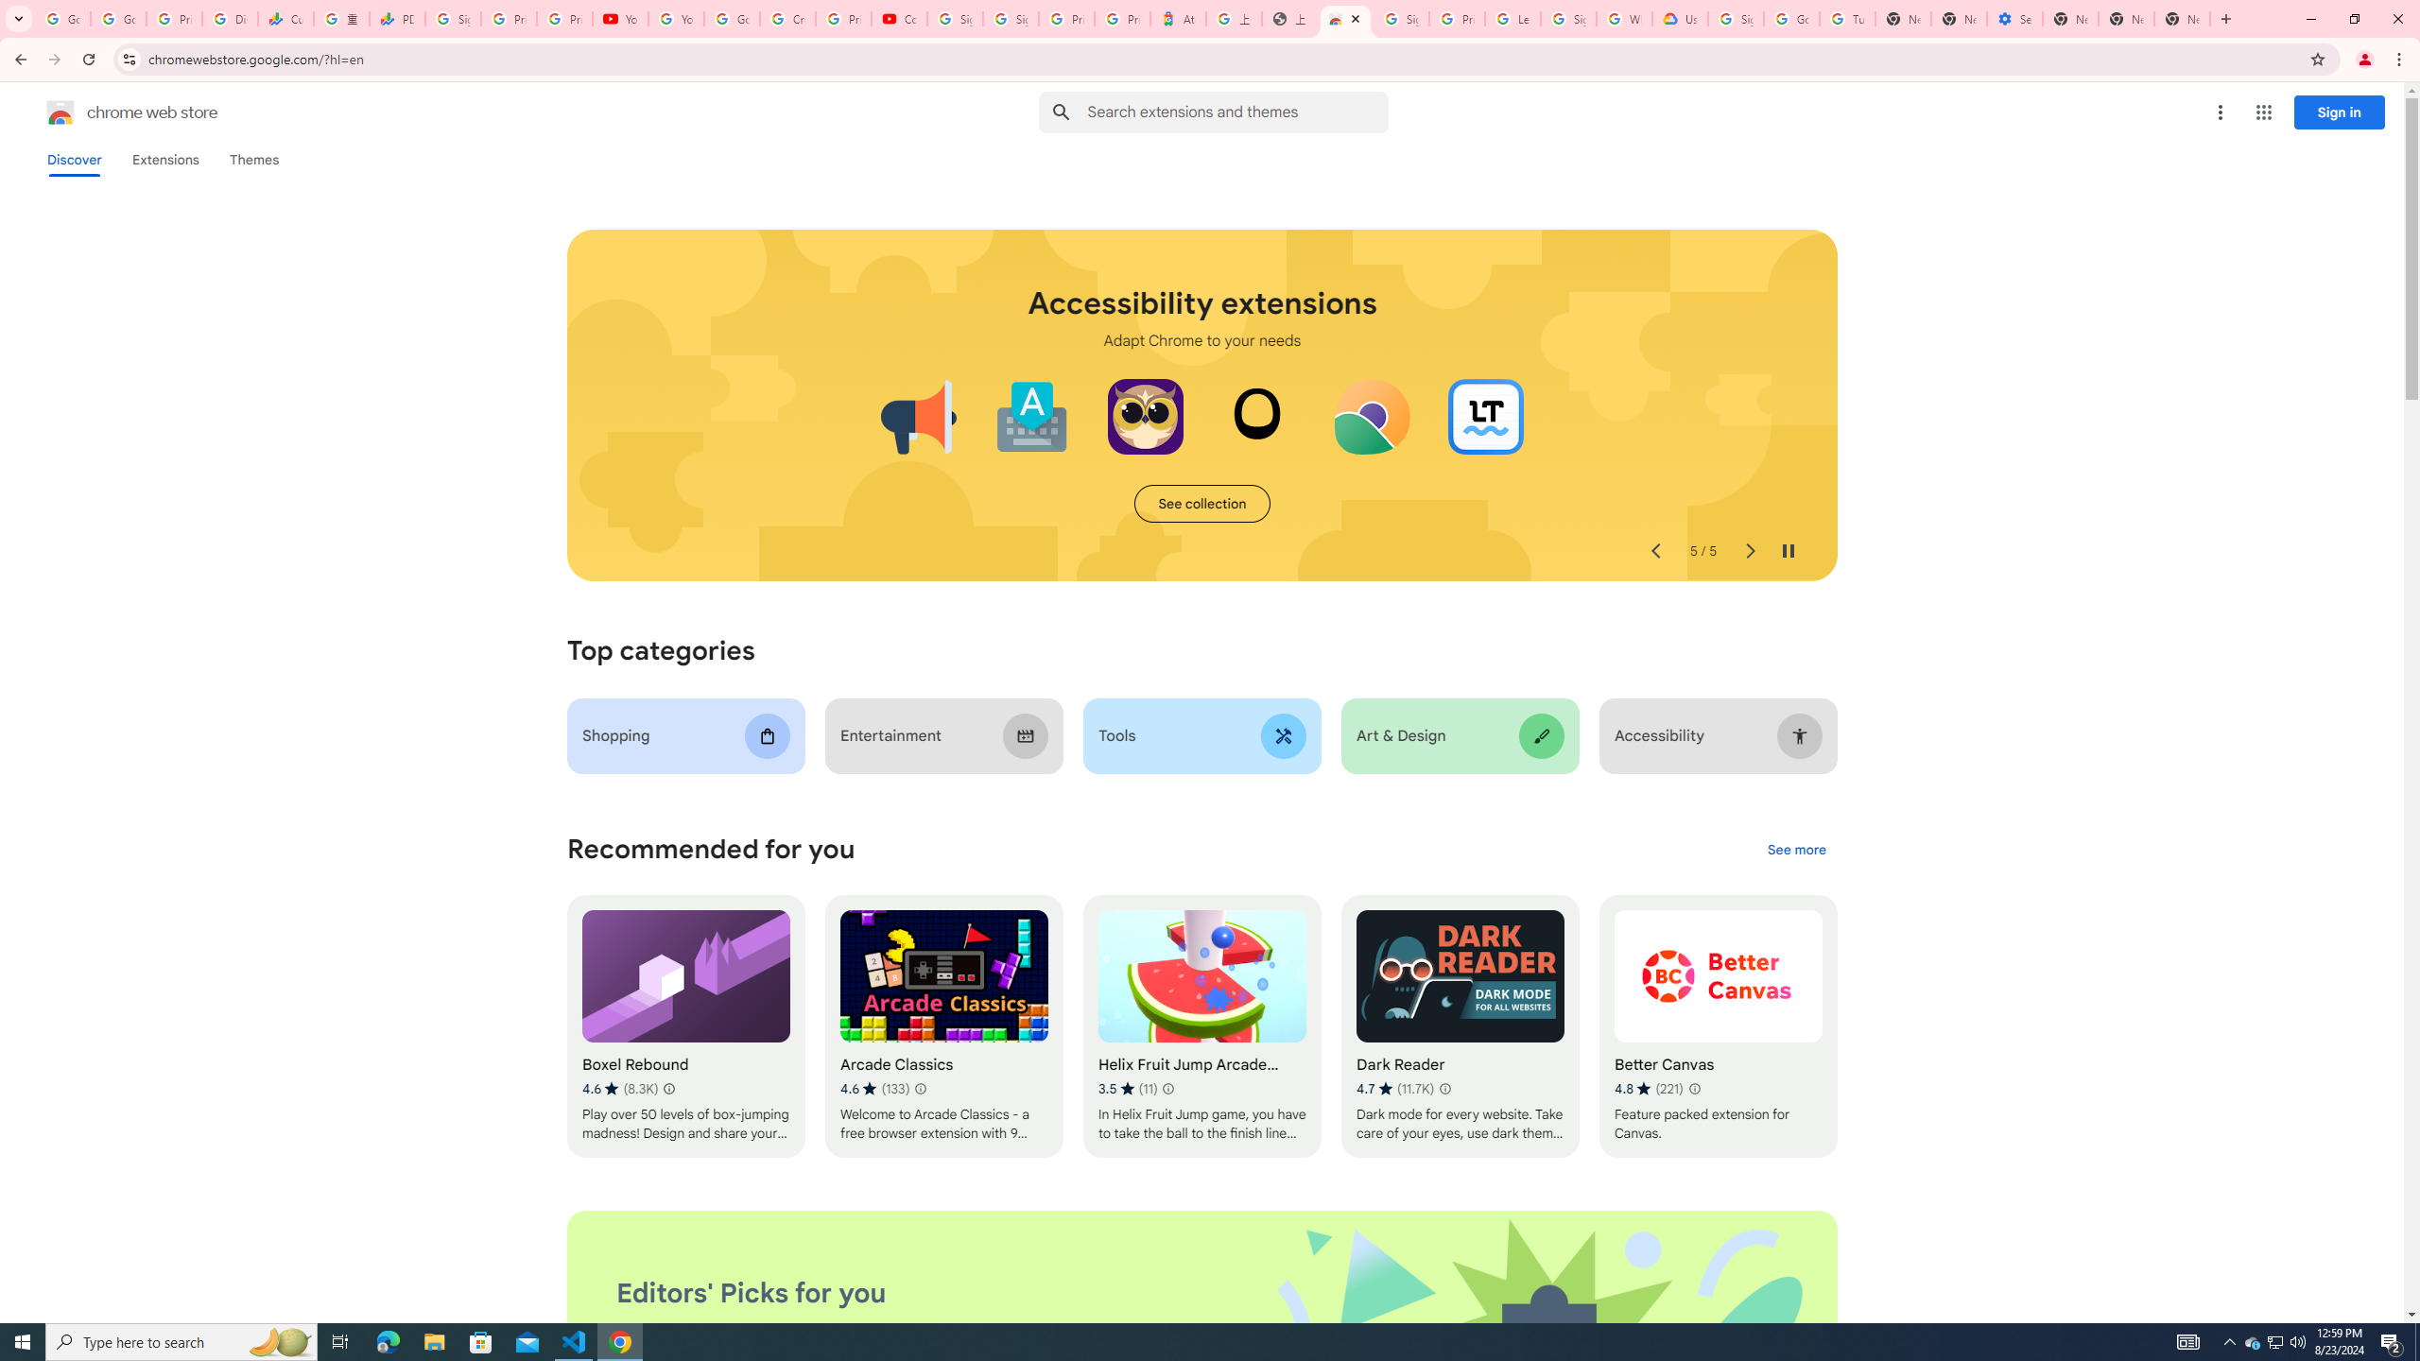 This screenshot has width=2420, height=1361. What do you see at coordinates (619, 1089) in the screenshot?
I see `'Average rating 4.6 out of 5 stars. 8.3K ratings.'` at bounding box center [619, 1089].